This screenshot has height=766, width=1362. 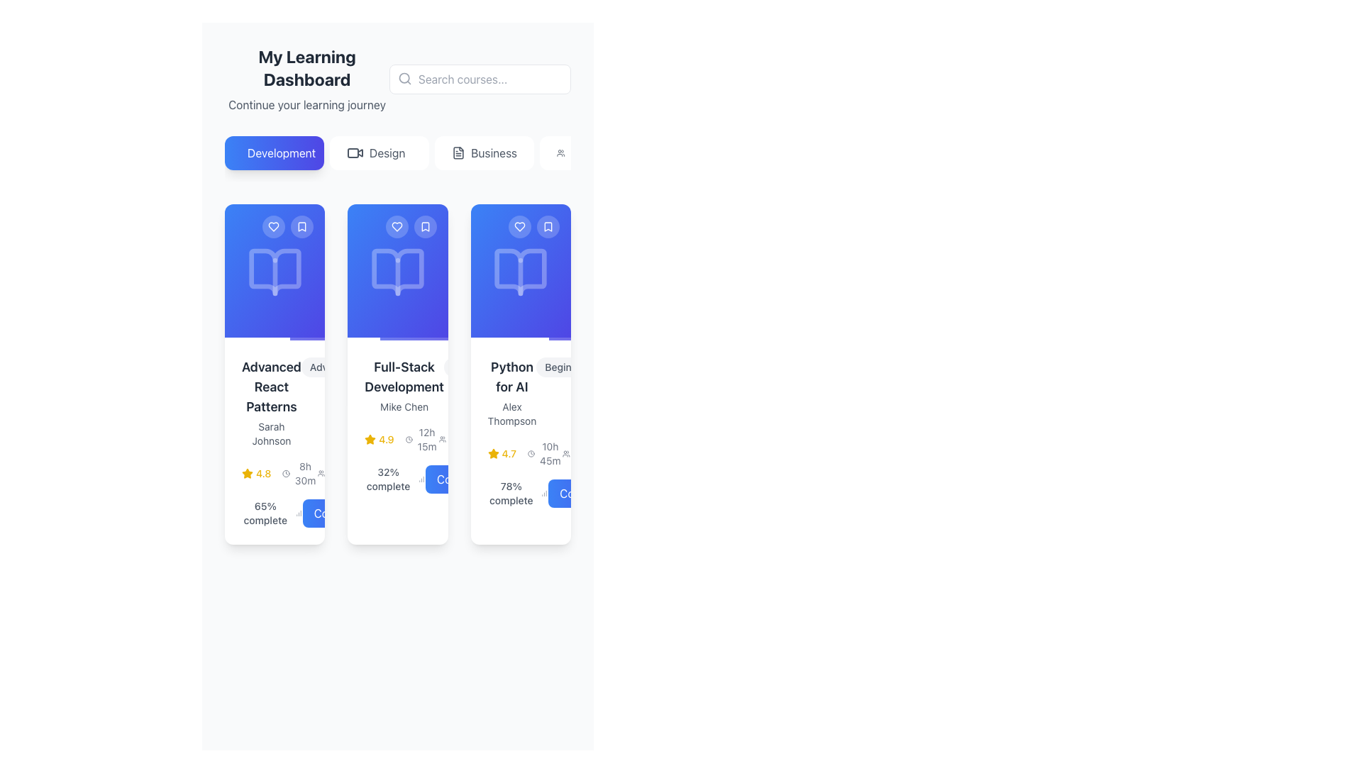 I want to click on the rating value represented by the bright yellow star icon for the 'Full-Stack Development' course, located at the bottom section of the course card, so click(x=370, y=438).